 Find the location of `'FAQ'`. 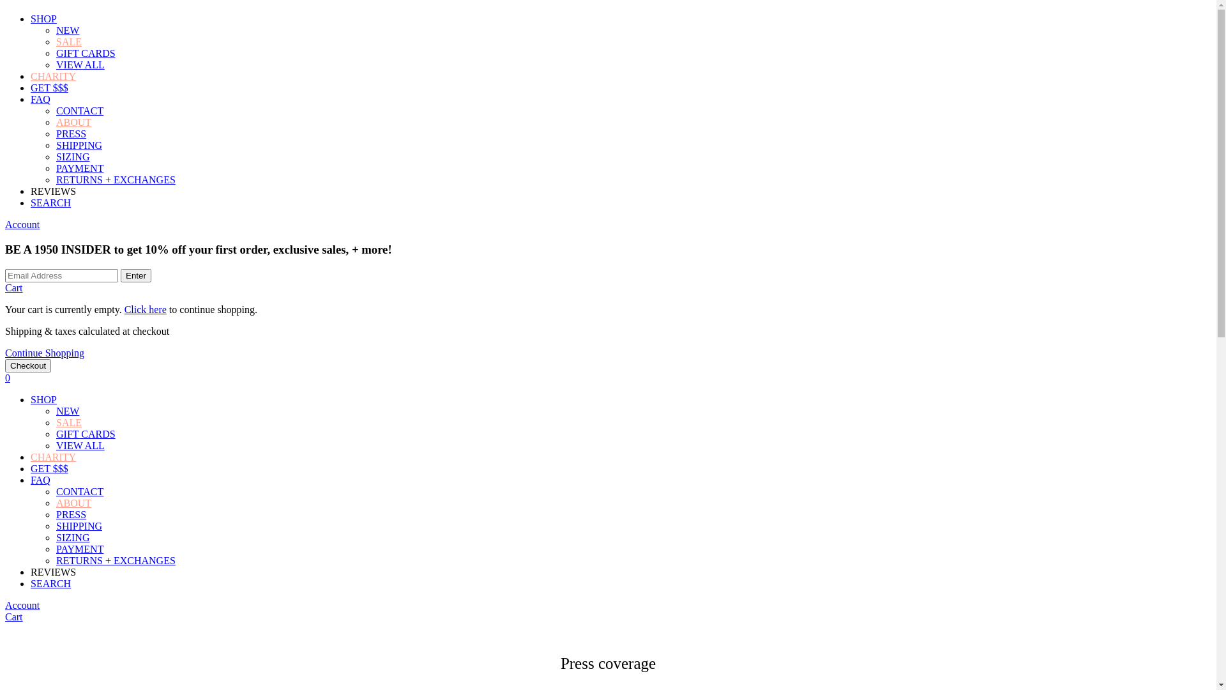

'FAQ' is located at coordinates (40, 480).